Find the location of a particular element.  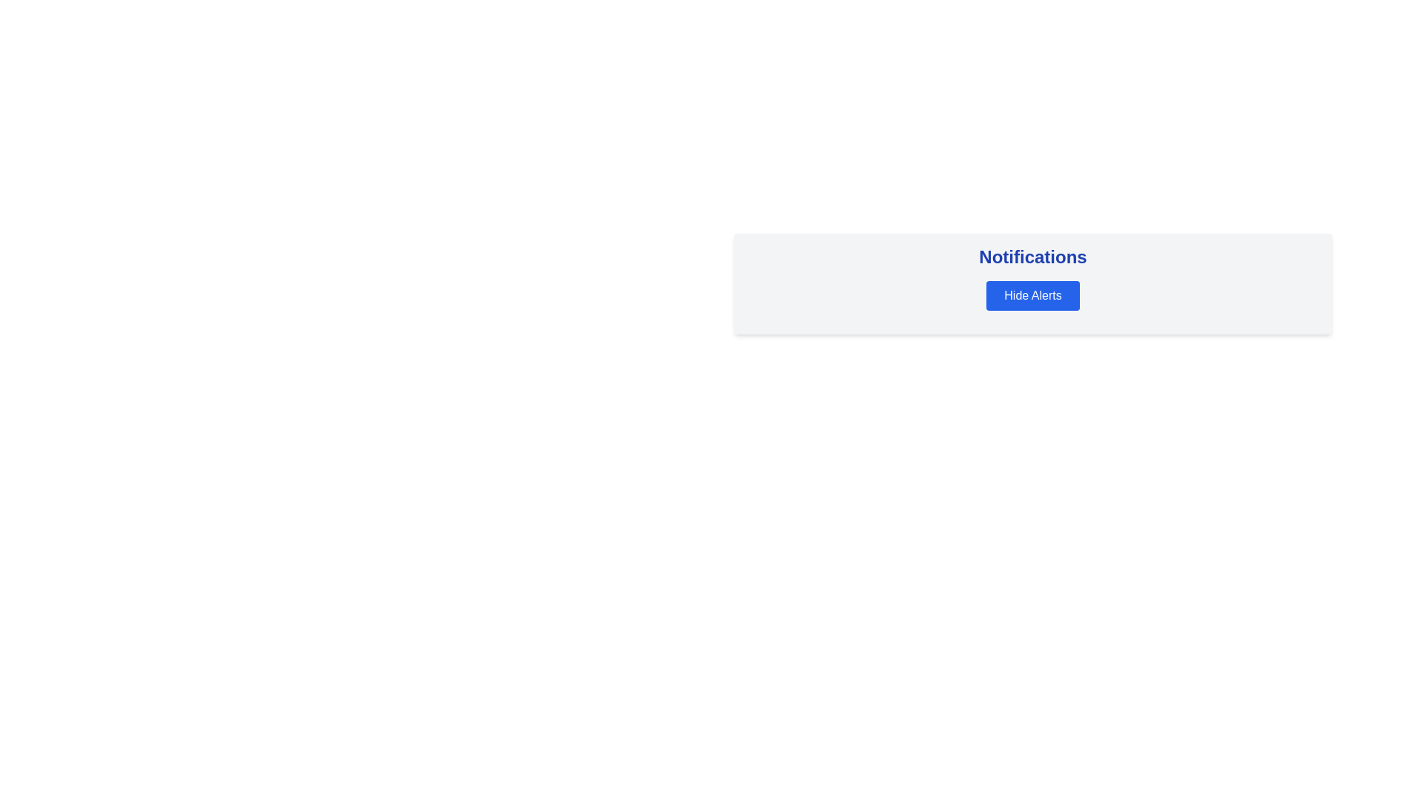

the notifications interface section, which contains the 'Hide Alerts' button is located at coordinates (1032, 283).